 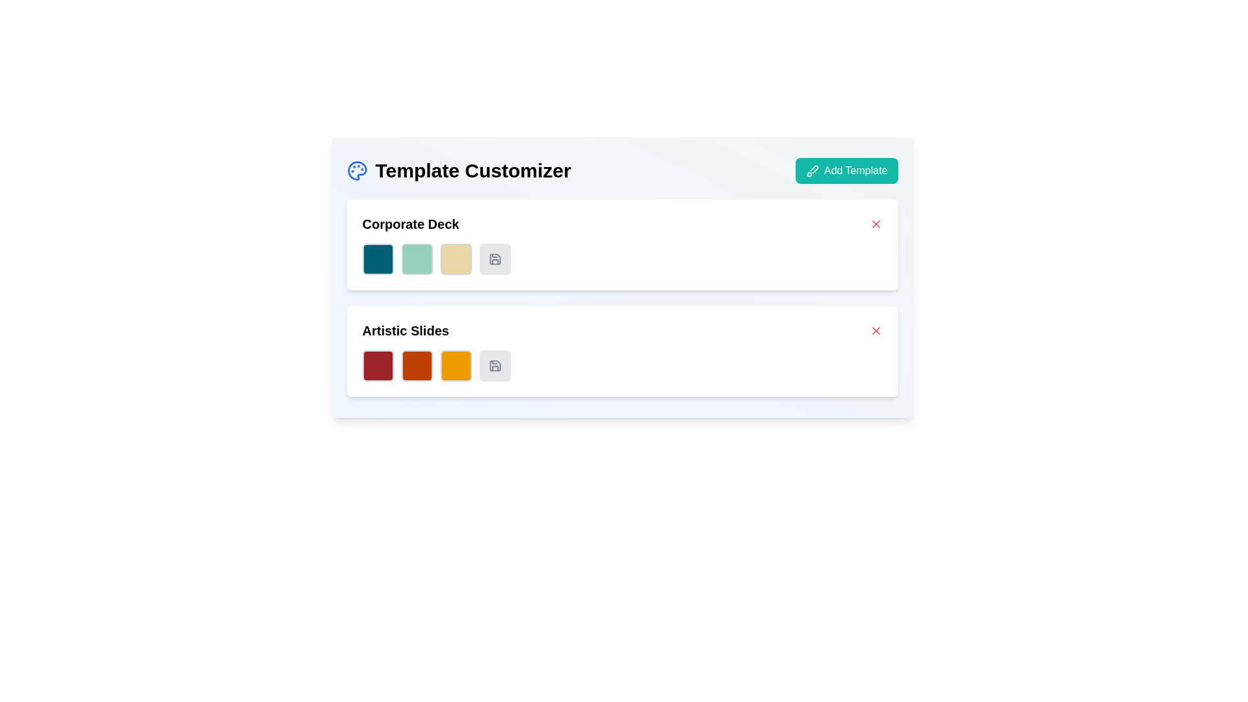 I want to click on the third color selection square in the Artistic Slides section, so click(x=456, y=366).